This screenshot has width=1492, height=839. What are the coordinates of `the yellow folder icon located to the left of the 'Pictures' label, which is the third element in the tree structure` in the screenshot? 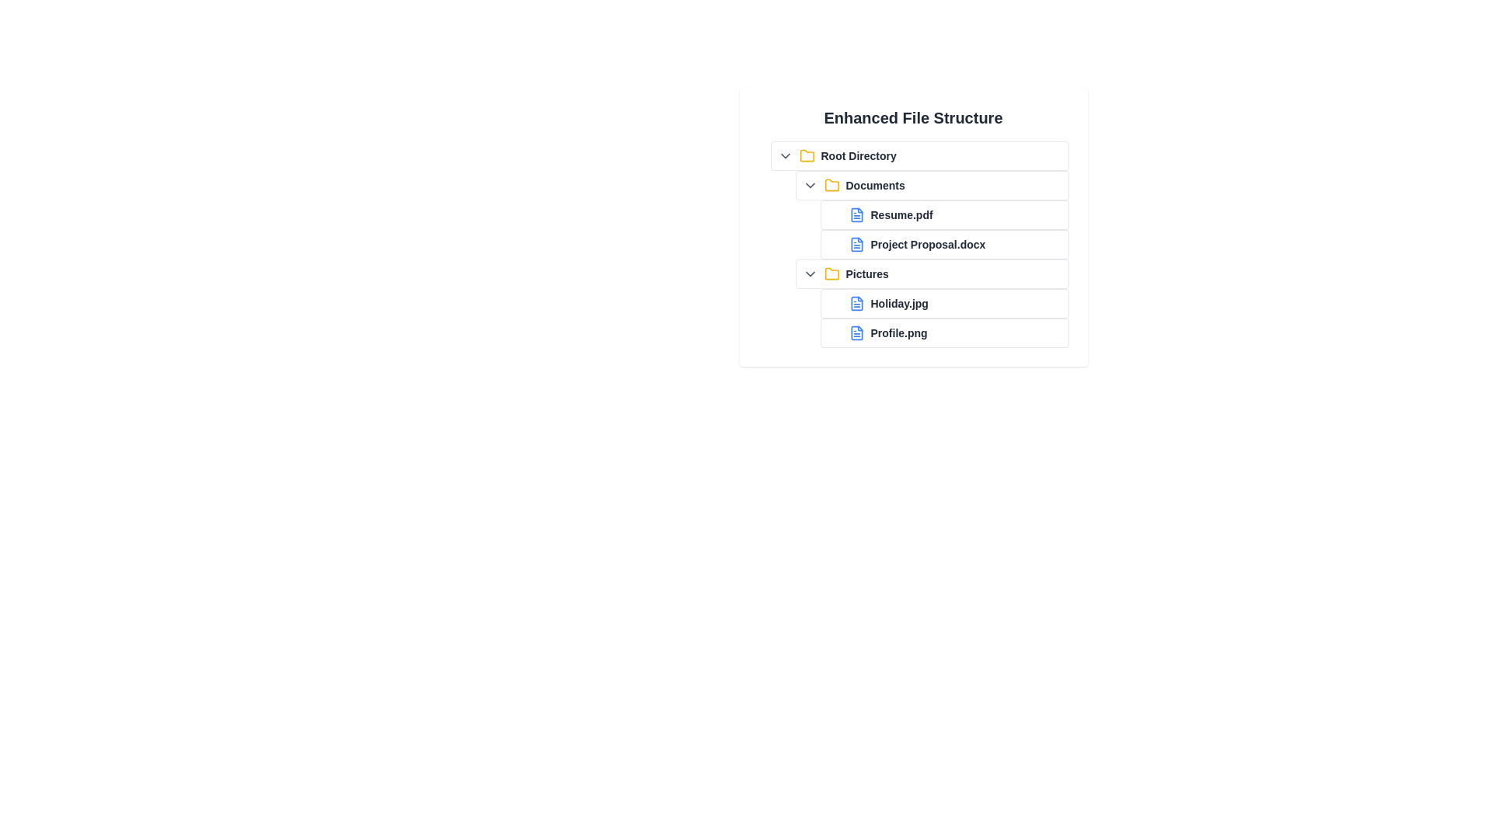 It's located at (831, 273).